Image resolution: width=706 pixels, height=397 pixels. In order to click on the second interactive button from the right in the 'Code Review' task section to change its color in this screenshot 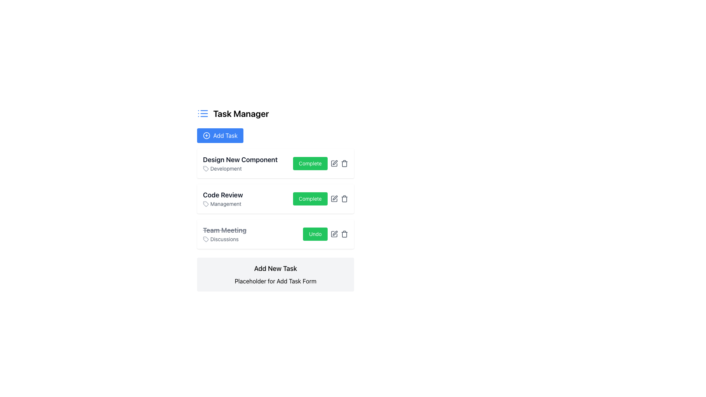, I will do `click(334, 198)`.